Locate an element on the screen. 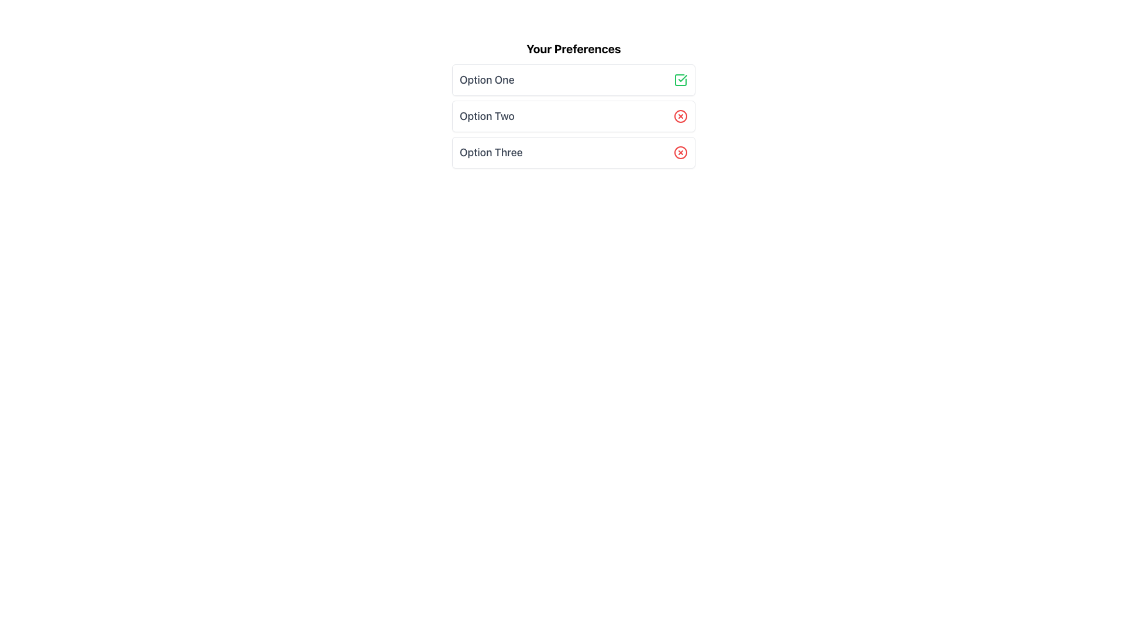 Image resolution: width=1123 pixels, height=632 pixels. the text label displaying 'Option Three', which is styled with a medium gray font and positioned in a list of options under 'Your Preferences' is located at coordinates (491, 152).